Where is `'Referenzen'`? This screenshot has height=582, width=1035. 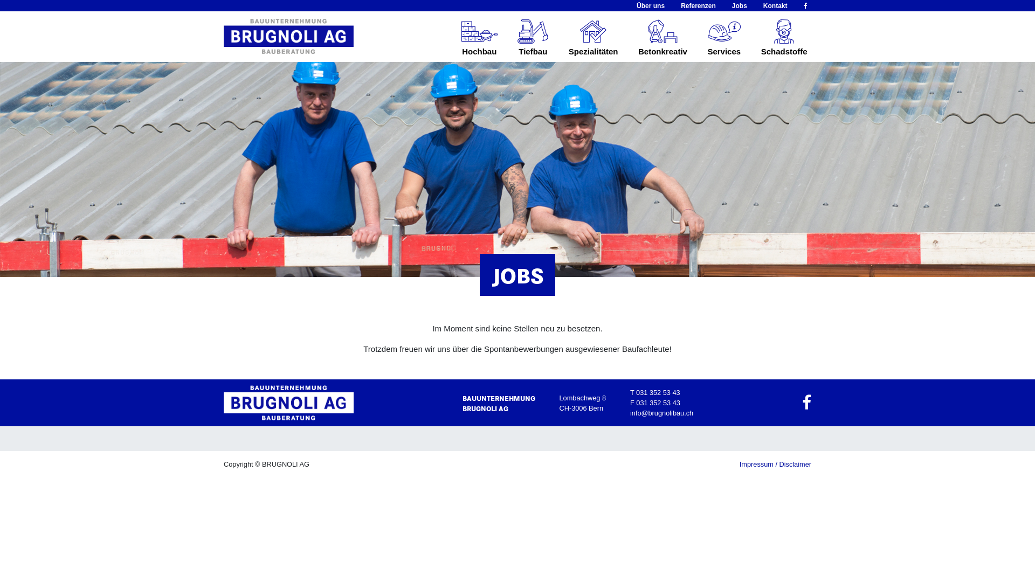 'Referenzen' is located at coordinates (698, 5).